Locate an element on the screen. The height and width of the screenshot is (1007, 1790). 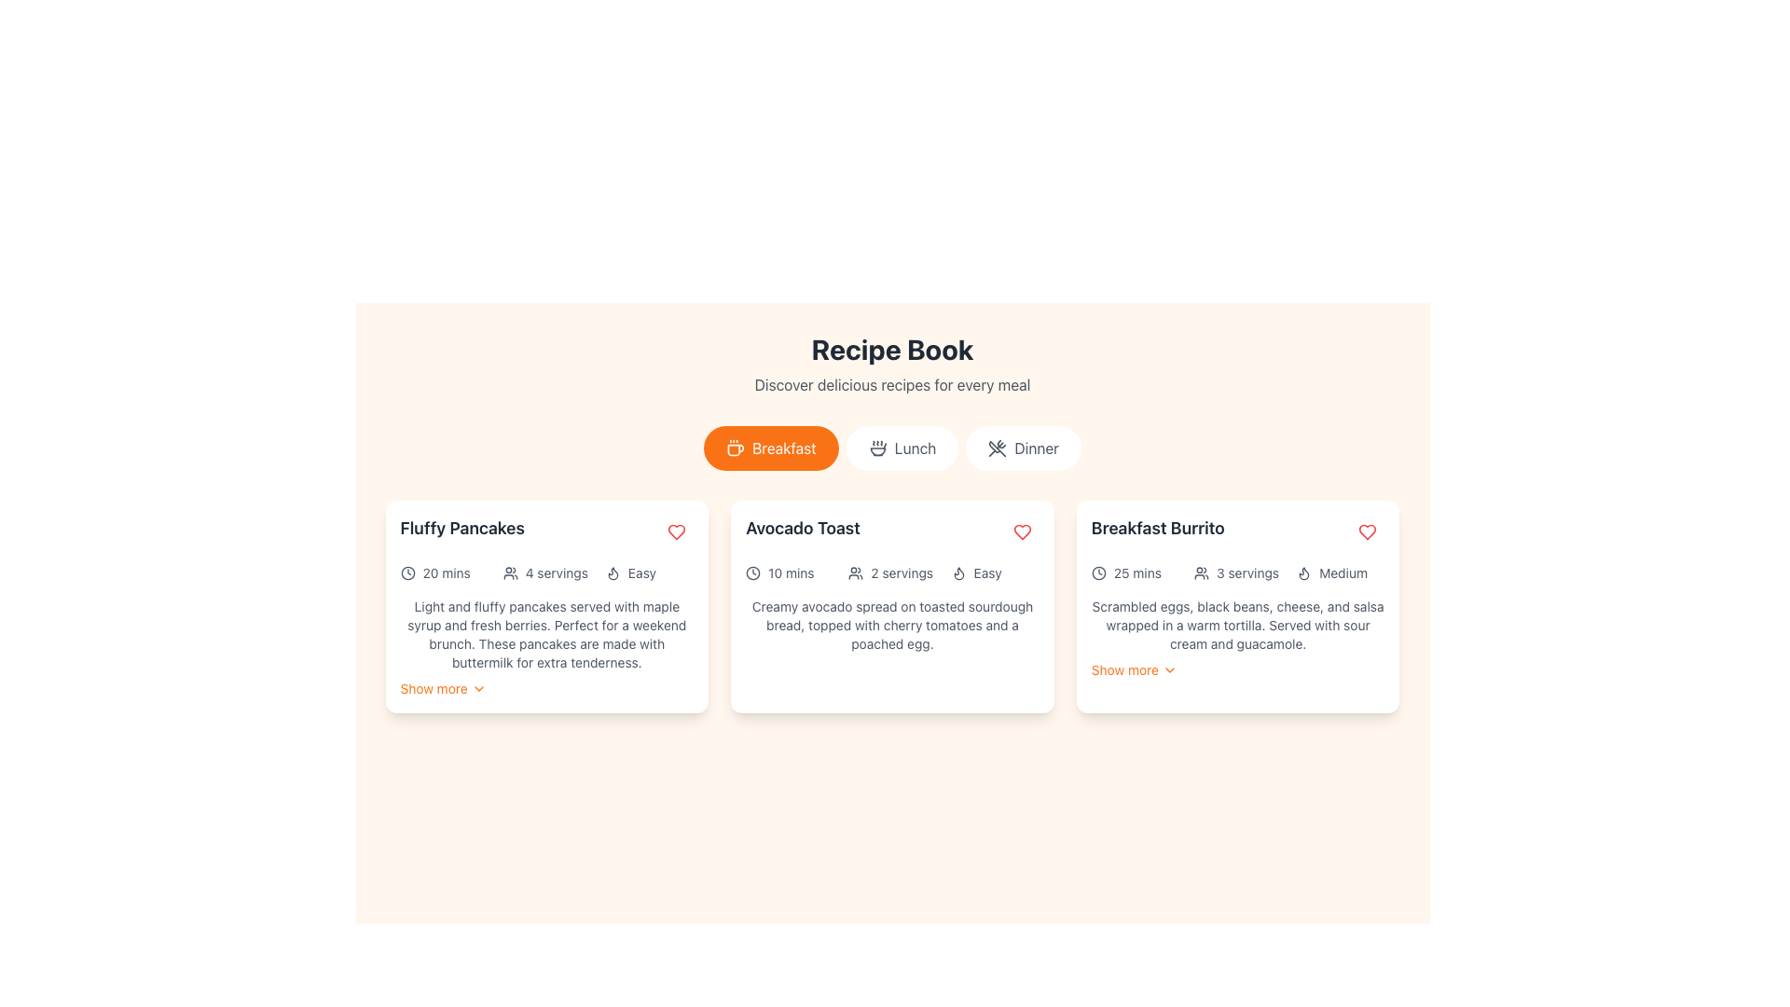
the chevron icon that indicates expandable functionality next to the 'Show more' text for 'Fluffy Pancakes' to receive visual feedback is located at coordinates (478, 689).